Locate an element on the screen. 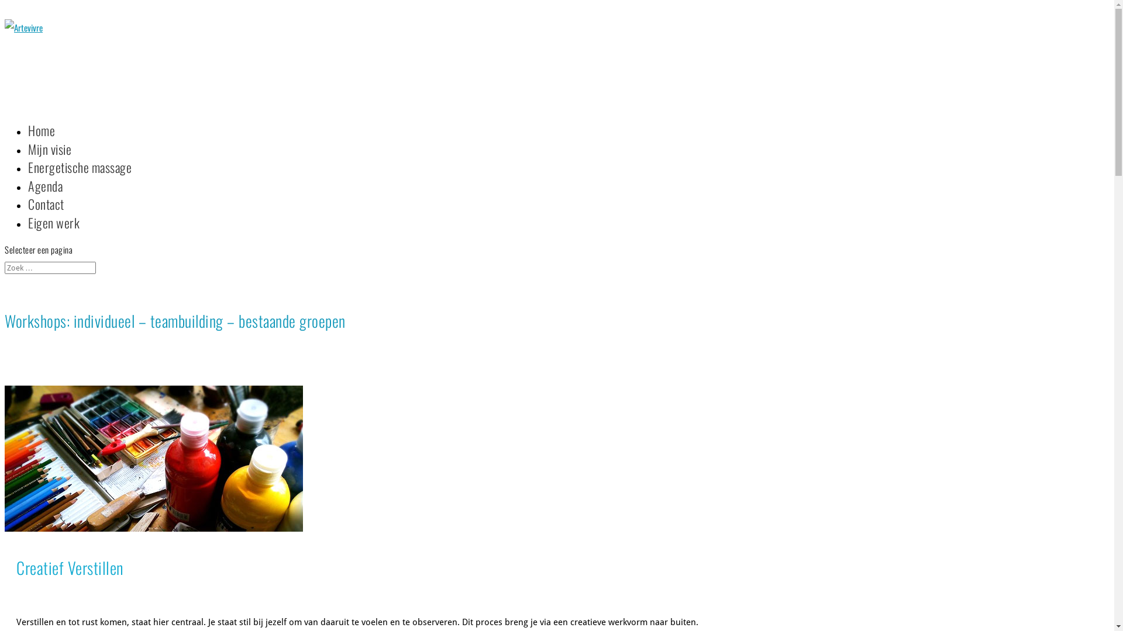 The width and height of the screenshot is (1123, 631). 'Contact' is located at coordinates (46, 217).